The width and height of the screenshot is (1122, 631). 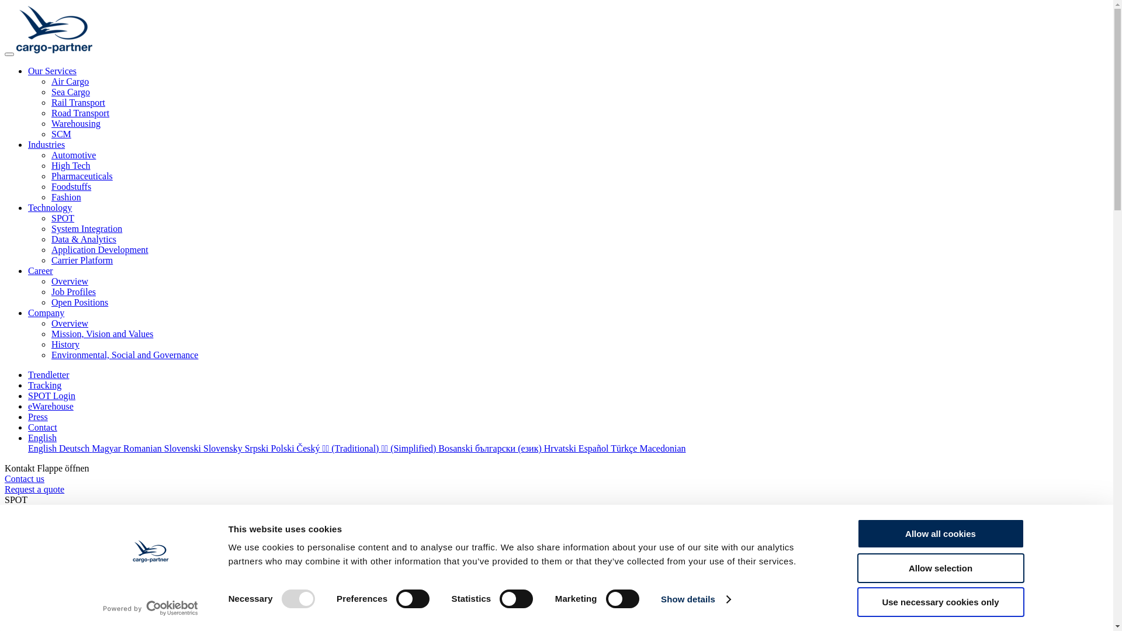 I want to click on 'Bosanski', so click(x=456, y=448).